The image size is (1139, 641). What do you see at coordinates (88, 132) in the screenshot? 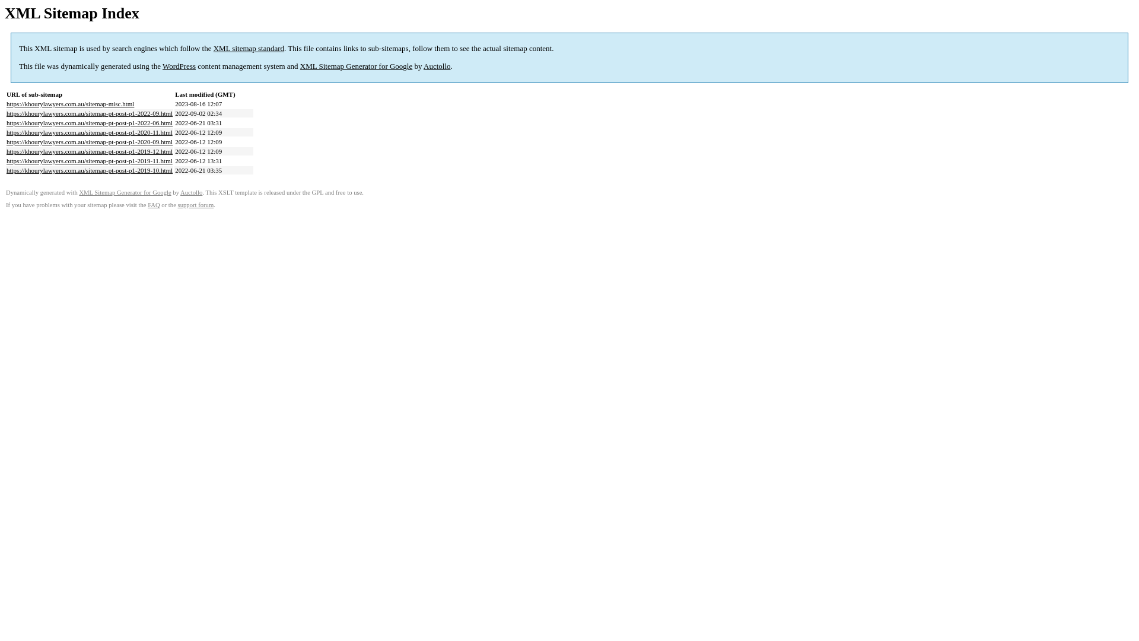
I see `'https://khourylawyers.com.au/sitemap-pt-post-p1-2020-11.html'` at bounding box center [88, 132].